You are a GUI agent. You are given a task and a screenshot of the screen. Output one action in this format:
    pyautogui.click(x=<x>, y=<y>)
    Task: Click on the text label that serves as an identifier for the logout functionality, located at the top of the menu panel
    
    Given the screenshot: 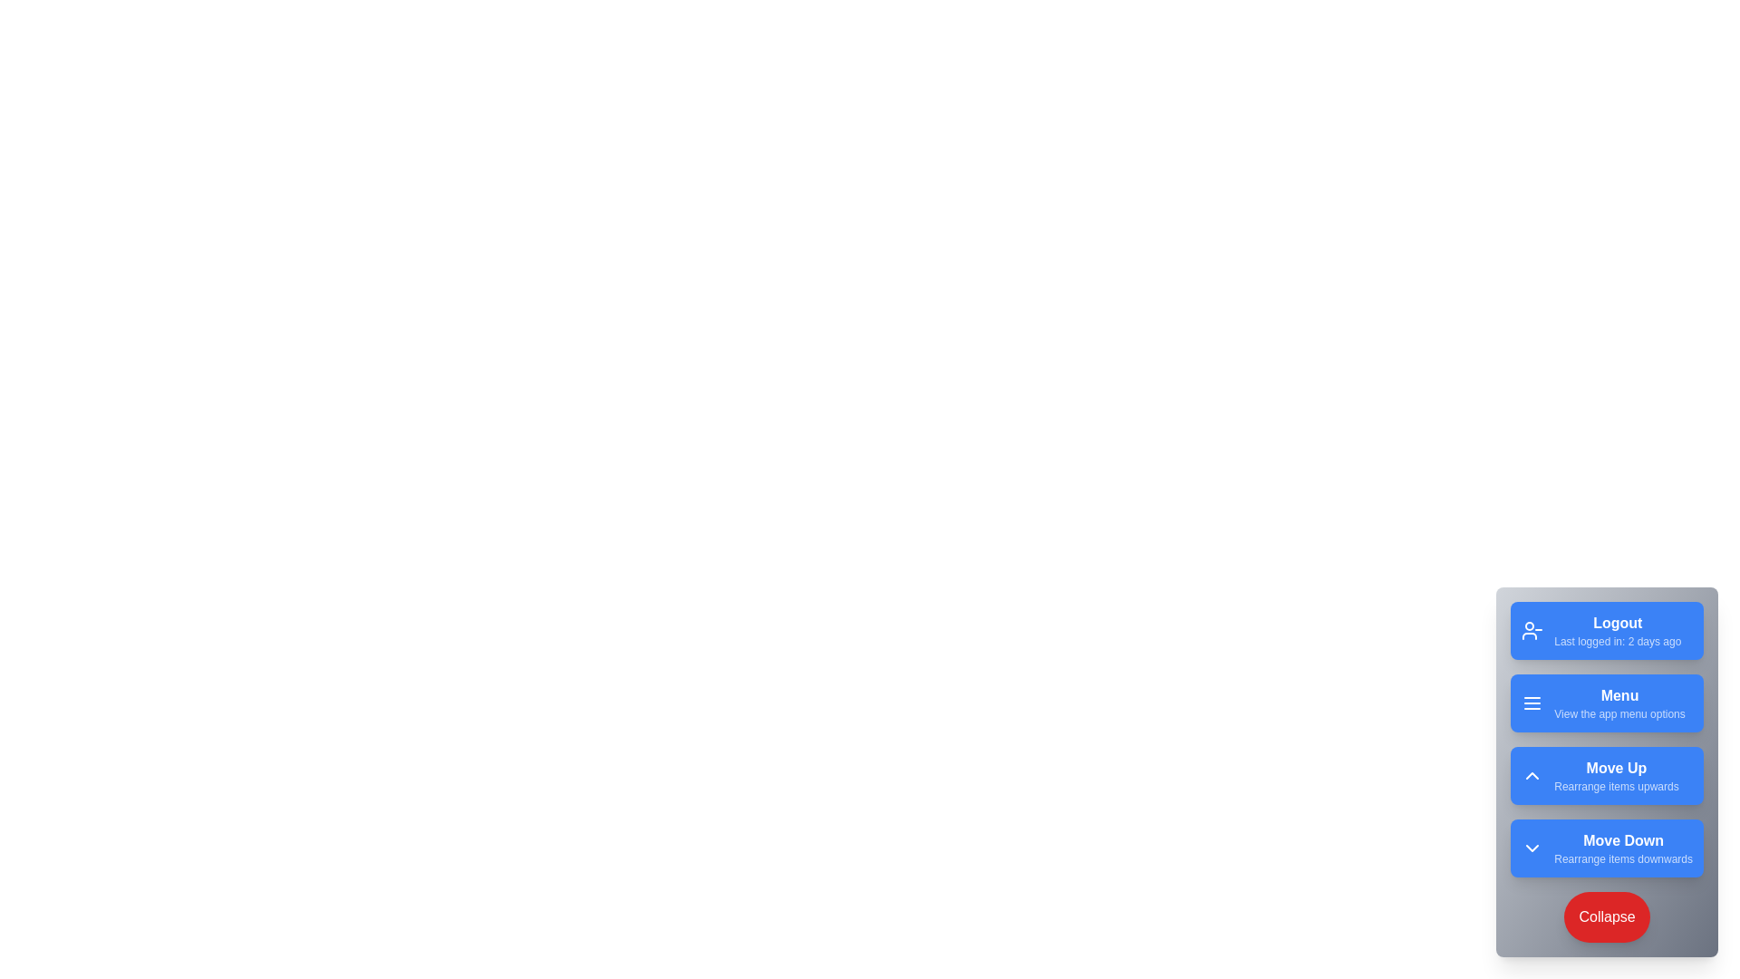 What is the action you would take?
    pyautogui.click(x=1618, y=622)
    